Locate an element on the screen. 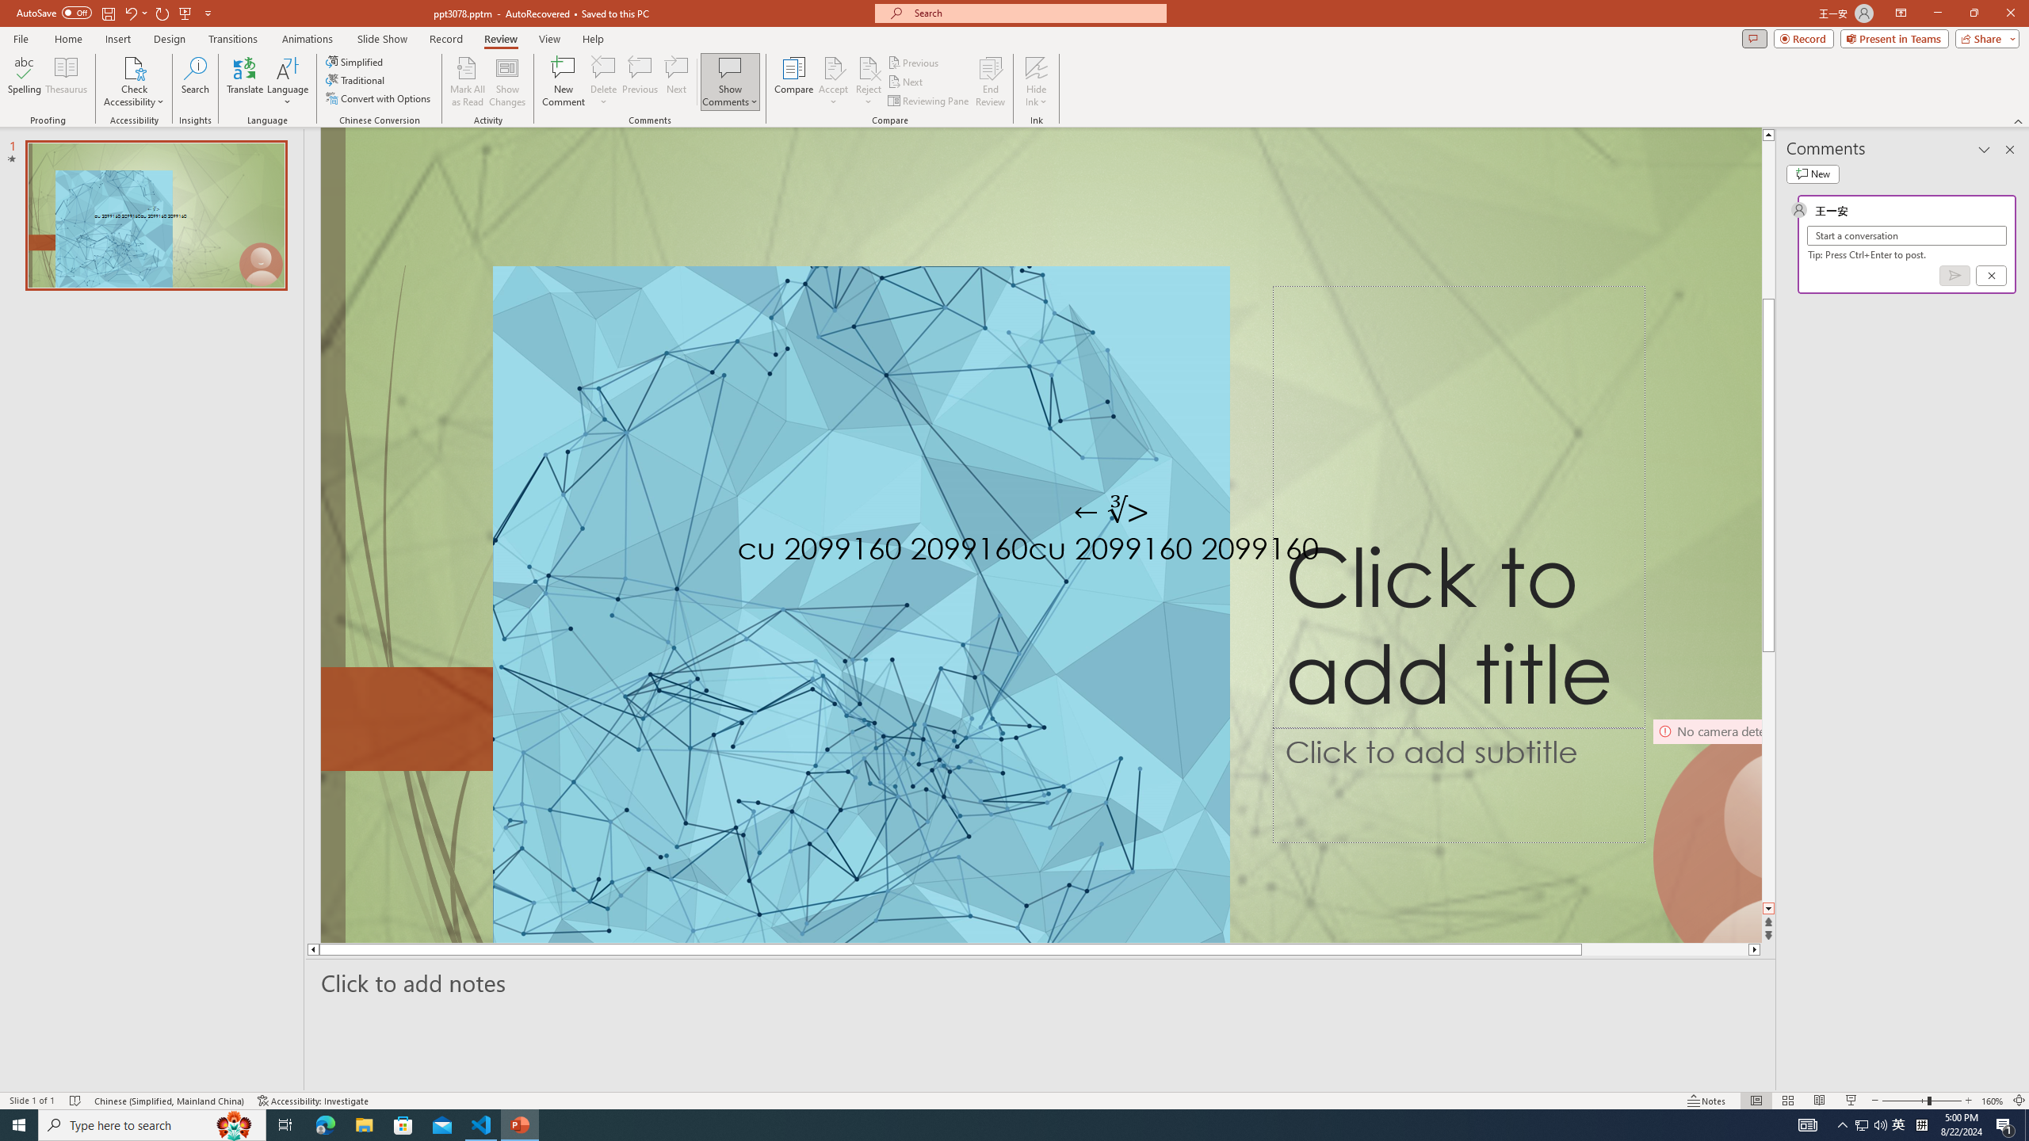  'New Comment' is located at coordinates (562, 82).